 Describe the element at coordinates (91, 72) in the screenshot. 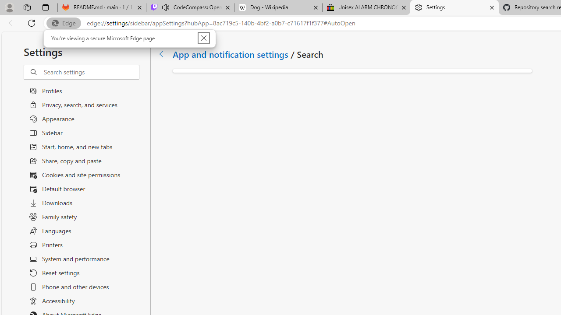

I see `'Search settings'` at that location.